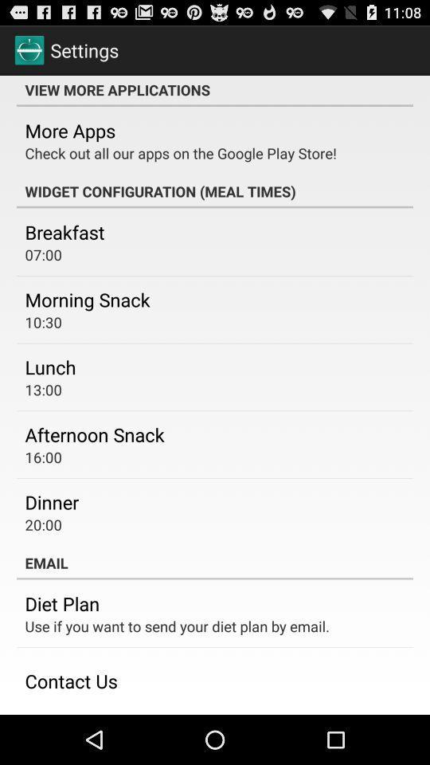 The width and height of the screenshot is (430, 765). I want to click on the item above check out all icon, so click(69, 129).